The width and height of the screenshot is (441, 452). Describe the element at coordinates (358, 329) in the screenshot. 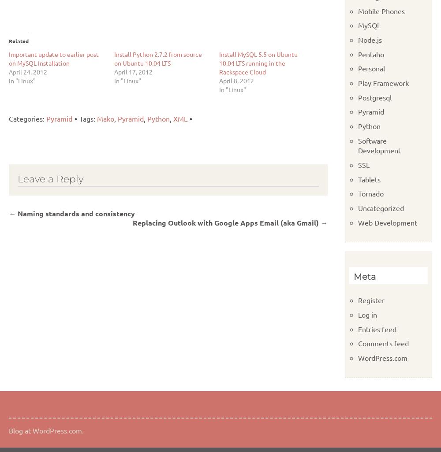

I see `'Entries feed'` at that location.